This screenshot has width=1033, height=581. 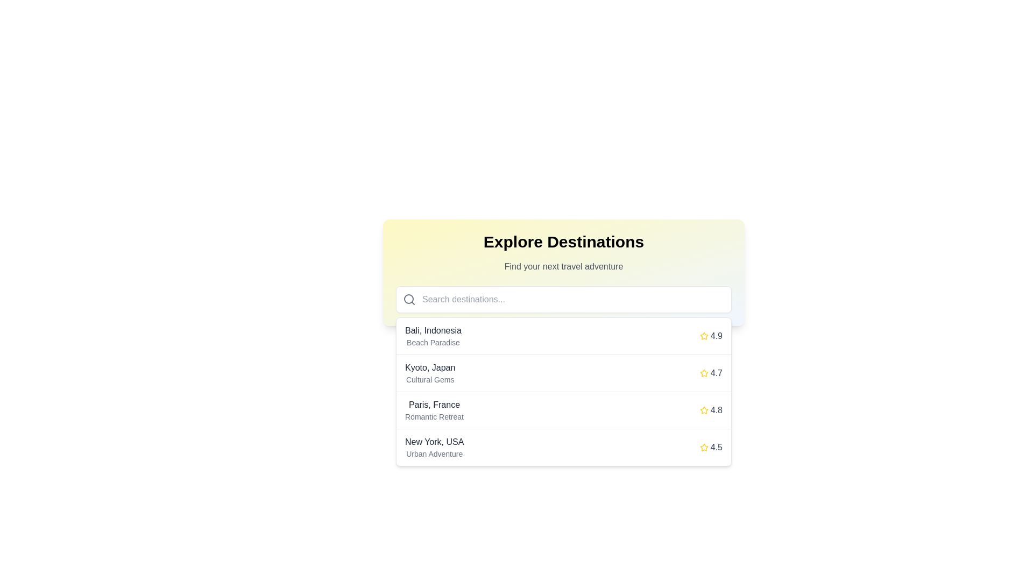 I want to click on the static text reading 'Beach Paradise', which is styled in a smaller gray font and located directly beneath 'Bali, Indonesia' in the search results, so click(x=433, y=342).